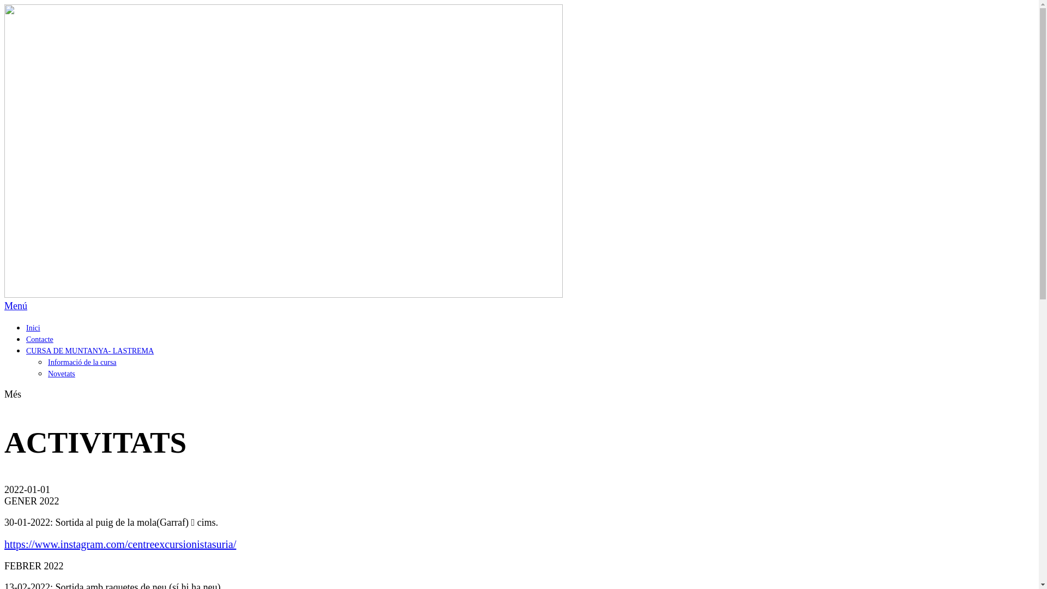  I want to click on 'Inici', so click(33, 327).